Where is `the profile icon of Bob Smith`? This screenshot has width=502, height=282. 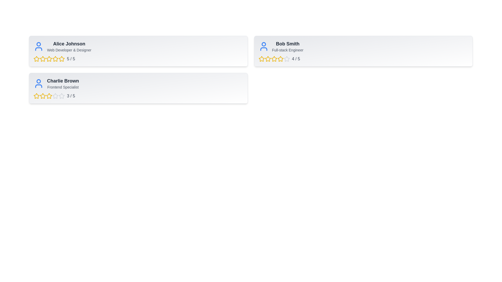 the profile icon of Bob Smith is located at coordinates (264, 46).